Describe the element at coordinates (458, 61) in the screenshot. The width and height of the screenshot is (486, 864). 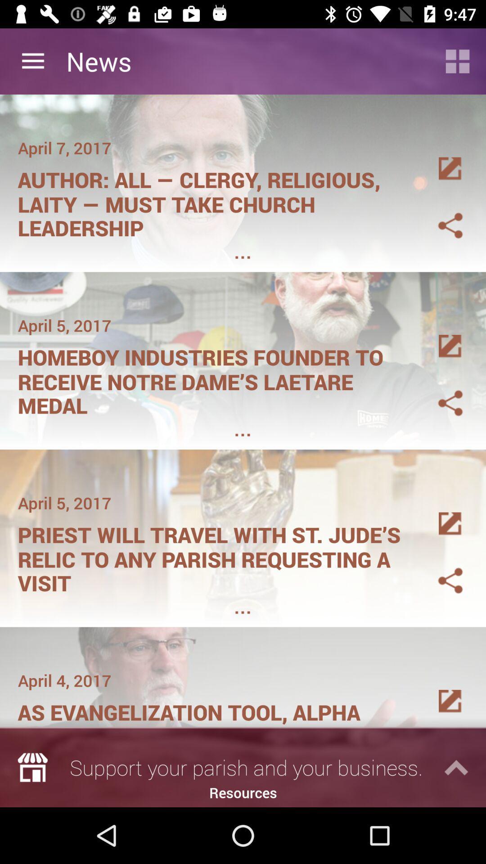
I see `icon next to the news item` at that location.